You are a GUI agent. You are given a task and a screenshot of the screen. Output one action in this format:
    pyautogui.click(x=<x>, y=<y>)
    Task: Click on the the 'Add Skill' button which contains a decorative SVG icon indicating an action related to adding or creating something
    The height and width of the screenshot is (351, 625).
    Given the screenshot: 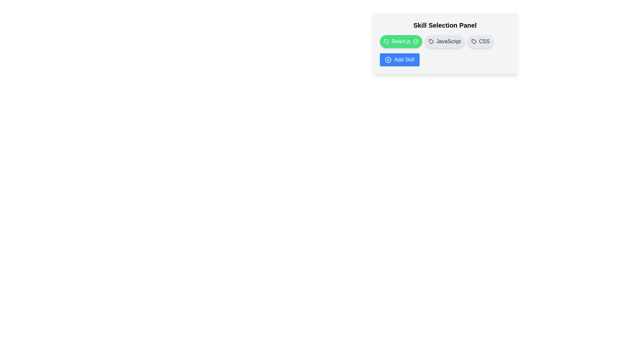 What is the action you would take?
    pyautogui.click(x=388, y=60)
    